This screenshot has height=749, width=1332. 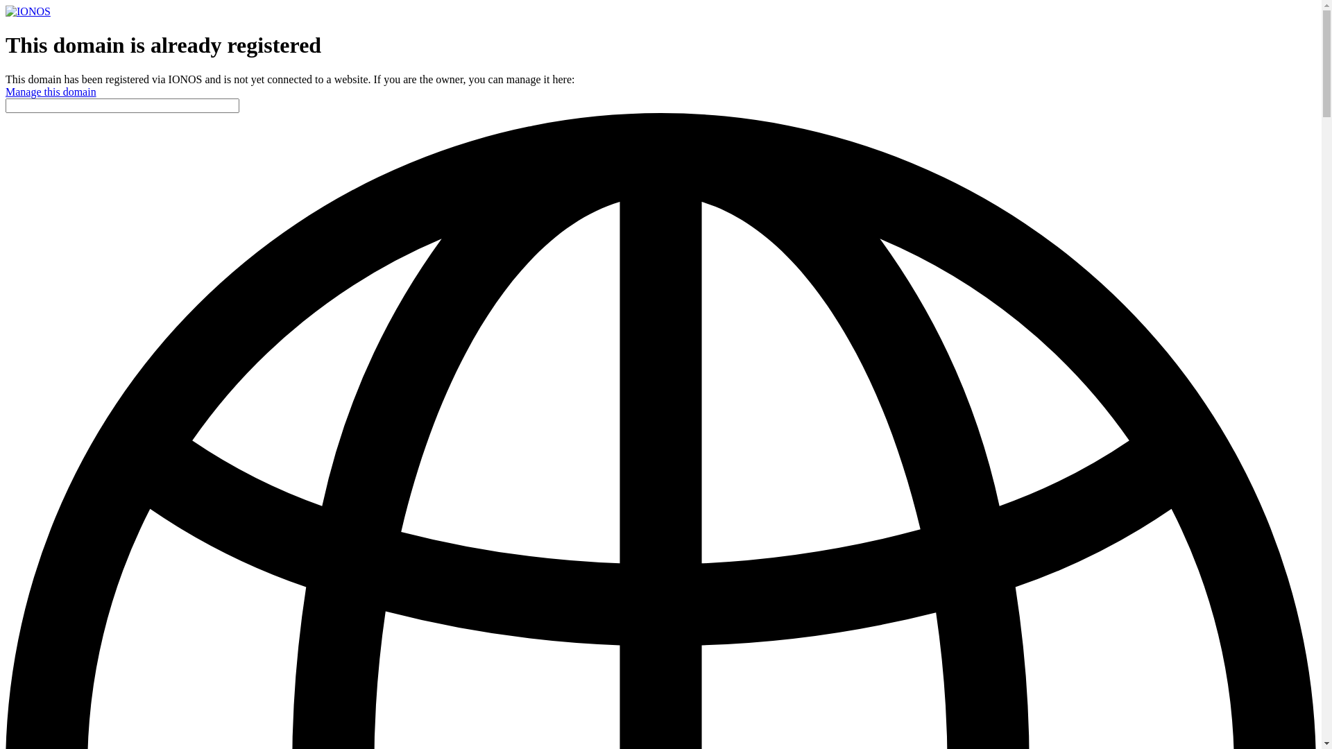 I want to click on 'Manage this domain', so click(x=51, y=92).